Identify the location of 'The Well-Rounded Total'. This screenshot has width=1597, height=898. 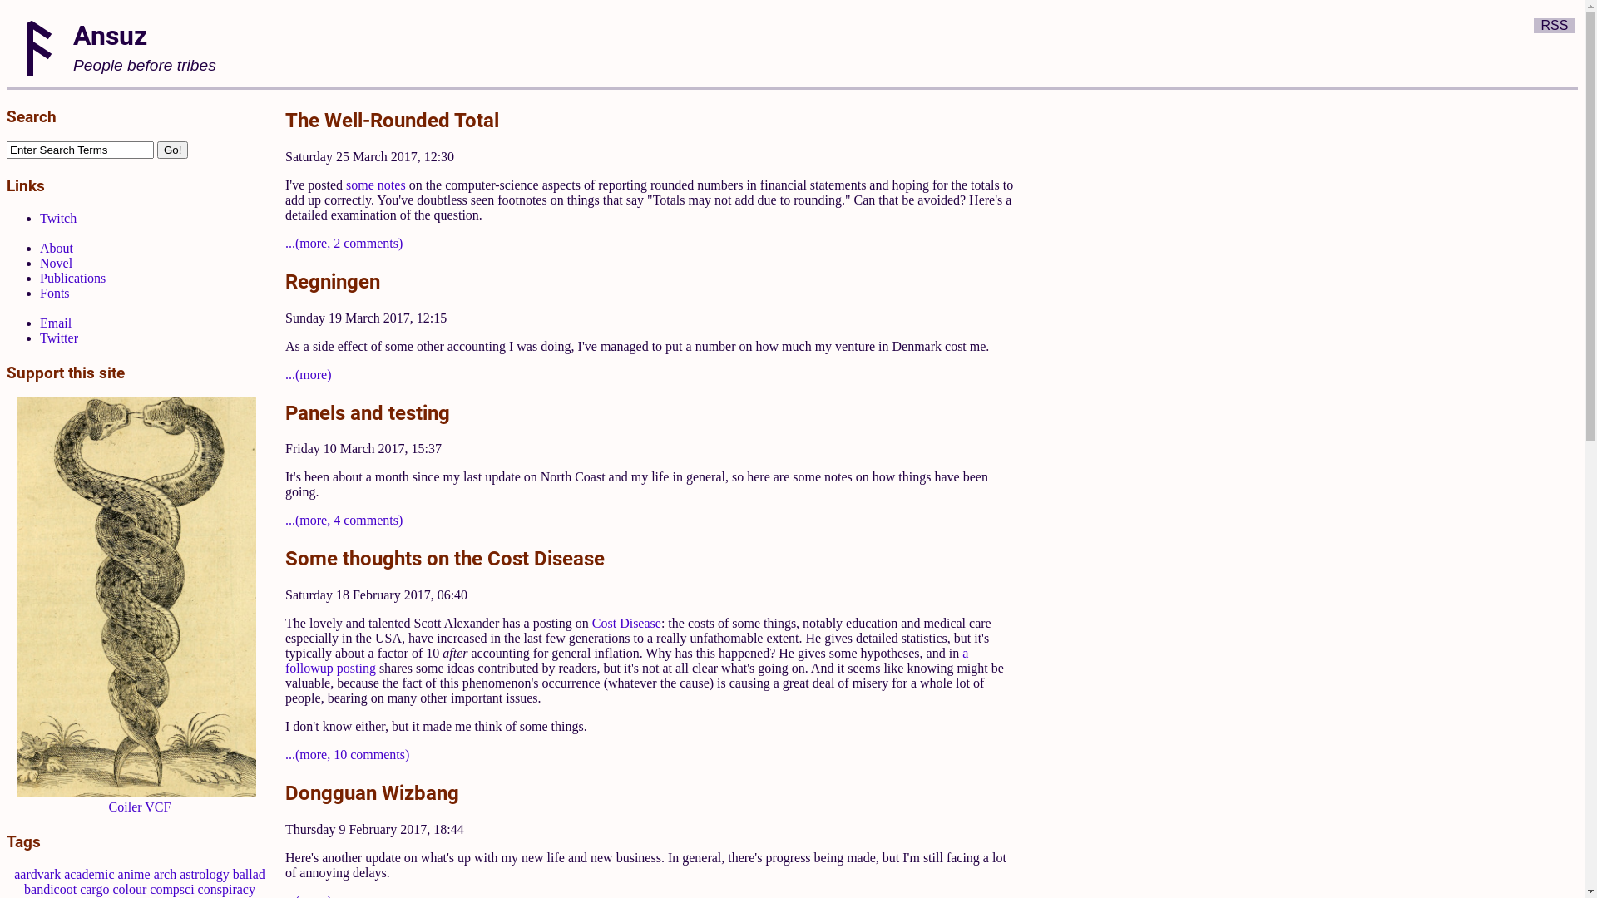
(391, 118).